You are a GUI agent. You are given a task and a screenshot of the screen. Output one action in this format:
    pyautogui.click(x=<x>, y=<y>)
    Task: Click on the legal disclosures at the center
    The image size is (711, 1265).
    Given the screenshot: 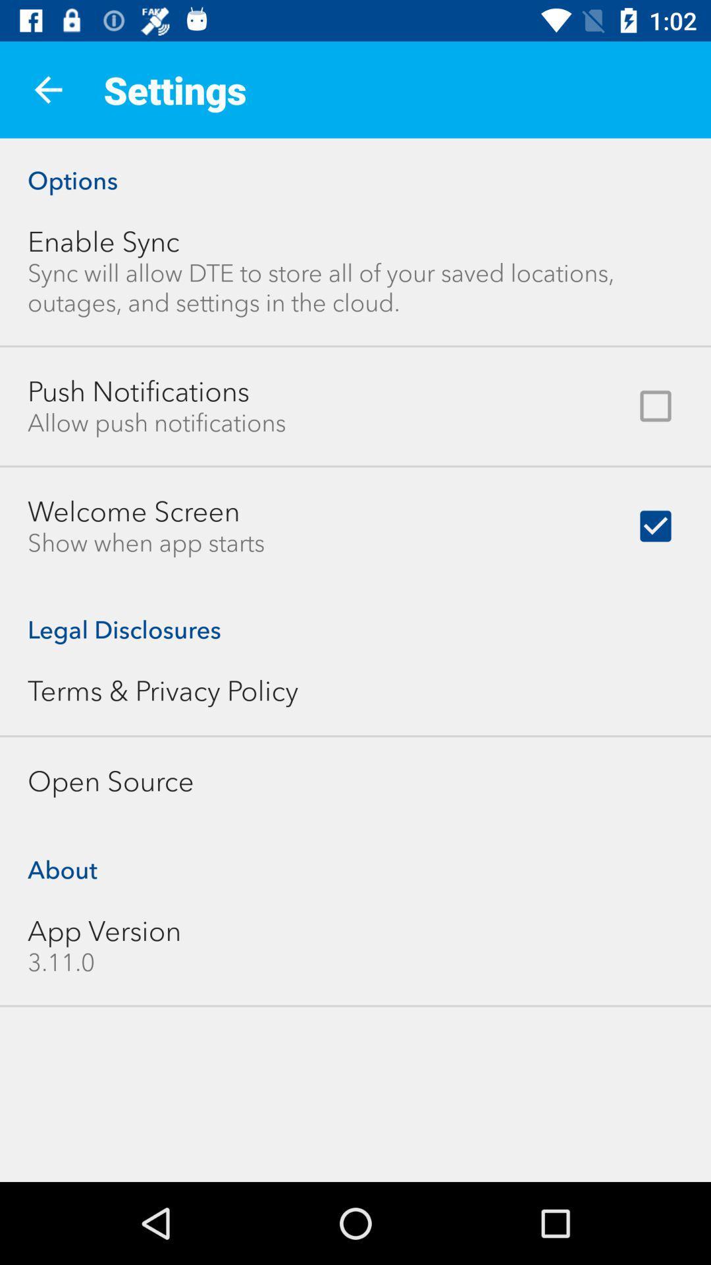 What is the action you would take?
    pyautogui.click(x=355, y=615)
    